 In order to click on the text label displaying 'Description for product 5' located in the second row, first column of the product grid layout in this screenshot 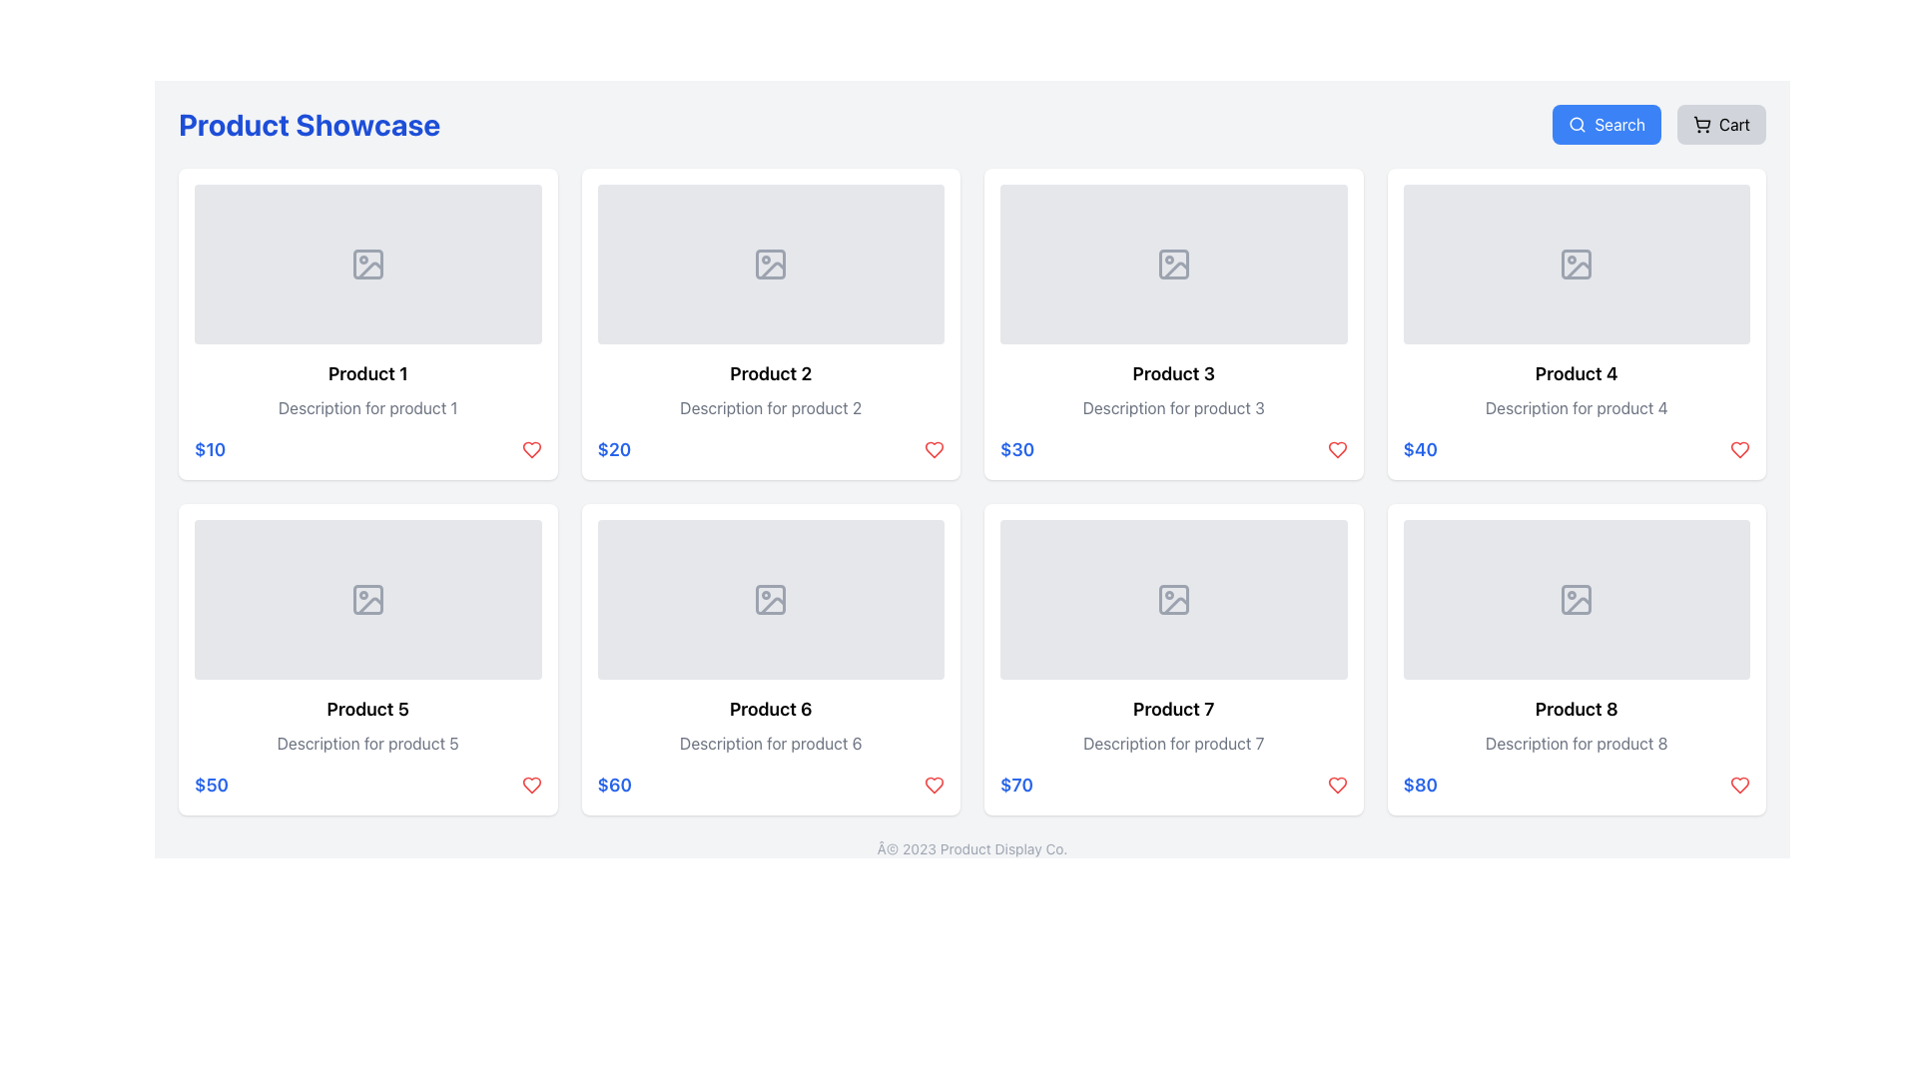, I will do `click(367, 743)`.